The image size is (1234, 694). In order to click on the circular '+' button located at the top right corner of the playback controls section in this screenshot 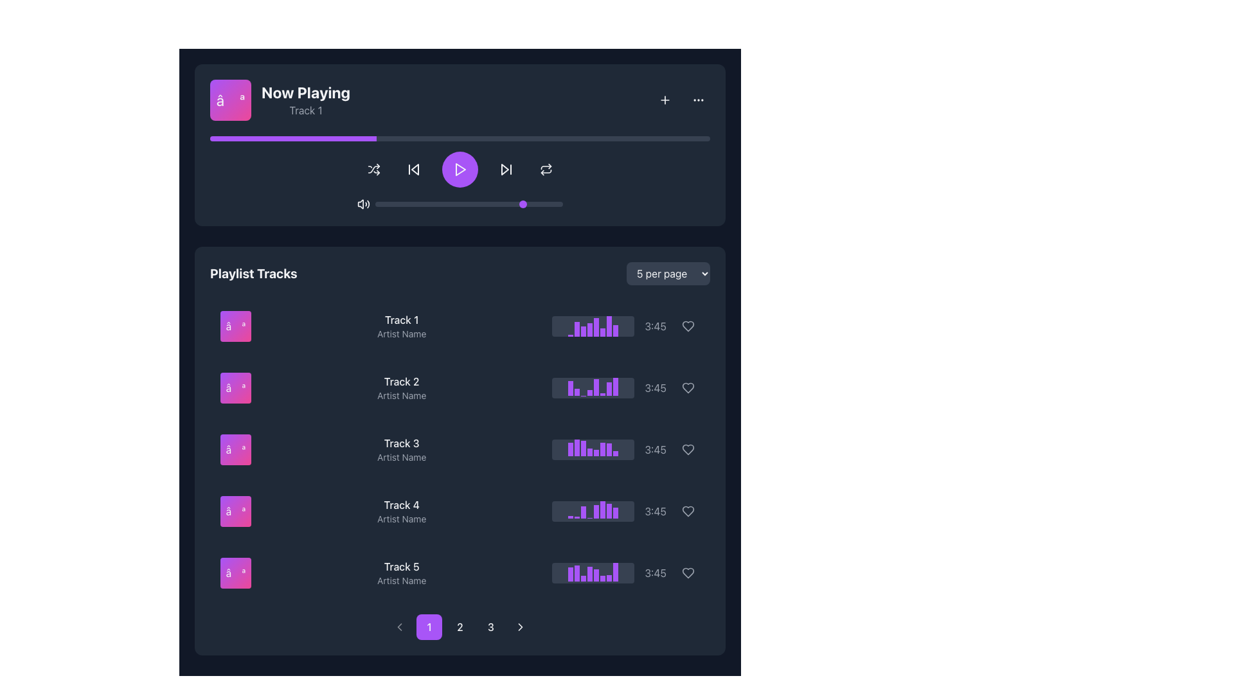, I will do `click(665, 99)`.